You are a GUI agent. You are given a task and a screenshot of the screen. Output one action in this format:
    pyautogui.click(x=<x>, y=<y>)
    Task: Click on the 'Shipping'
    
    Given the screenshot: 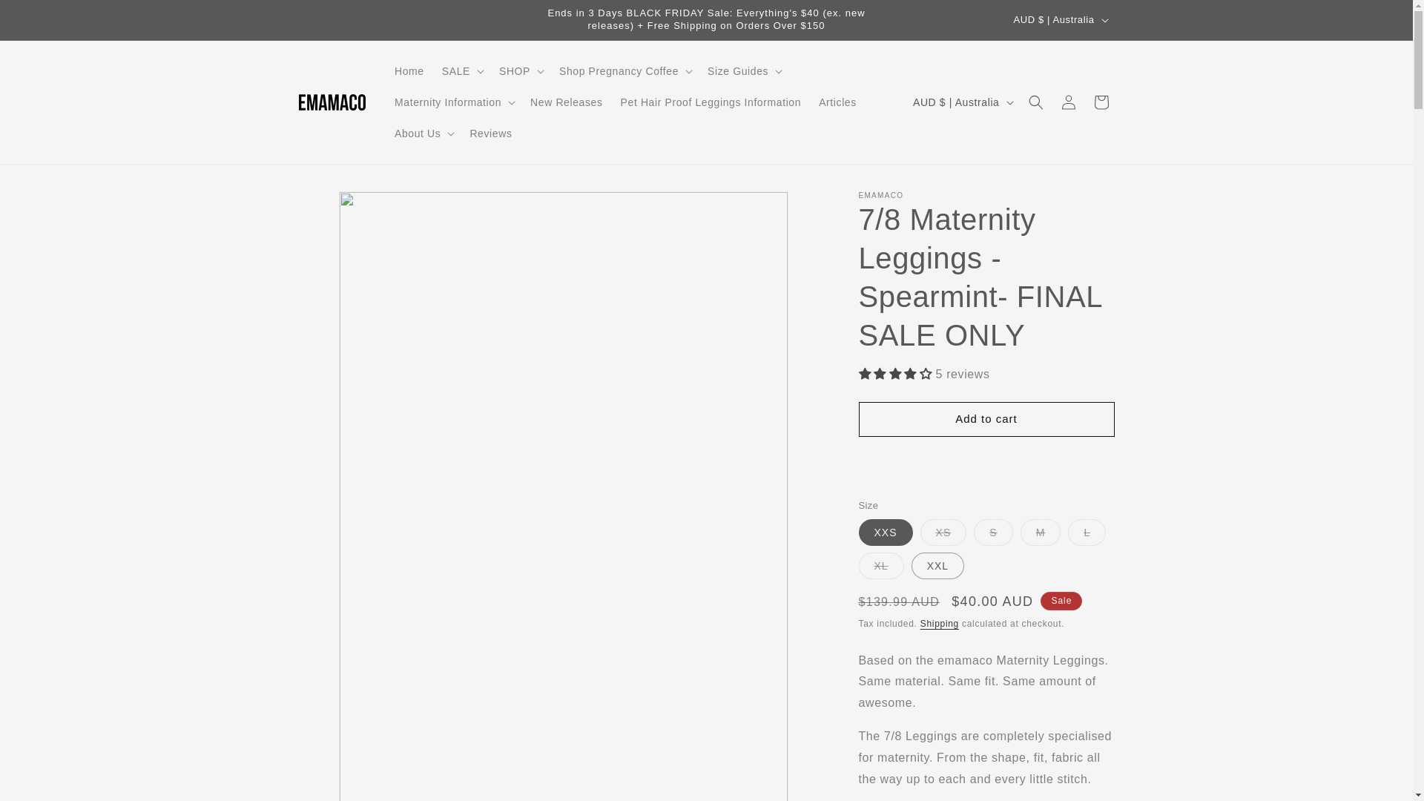 What is the action you would take?
    pyautogui.click(x=939, y=623)
    